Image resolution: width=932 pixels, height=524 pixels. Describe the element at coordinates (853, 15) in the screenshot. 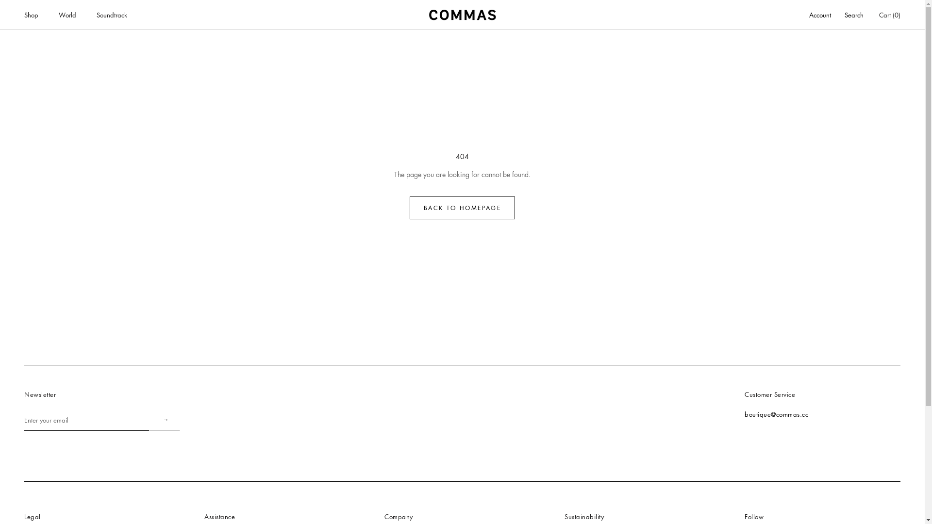

I see `'Search'` at that location.